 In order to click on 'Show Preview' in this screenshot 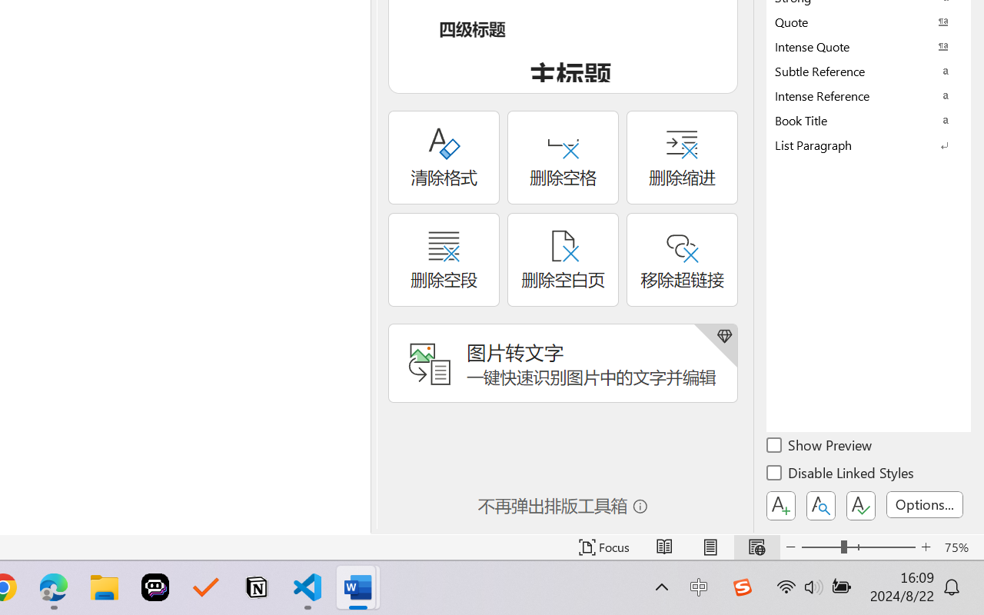, I will do `click(819, 447)`.